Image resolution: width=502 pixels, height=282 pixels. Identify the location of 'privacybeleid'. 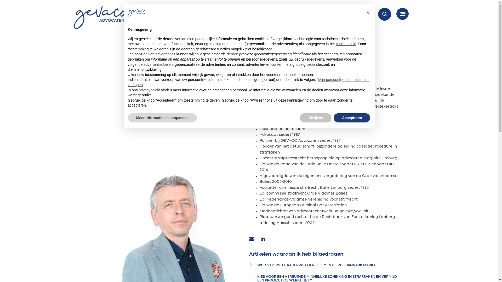
(139, 90).